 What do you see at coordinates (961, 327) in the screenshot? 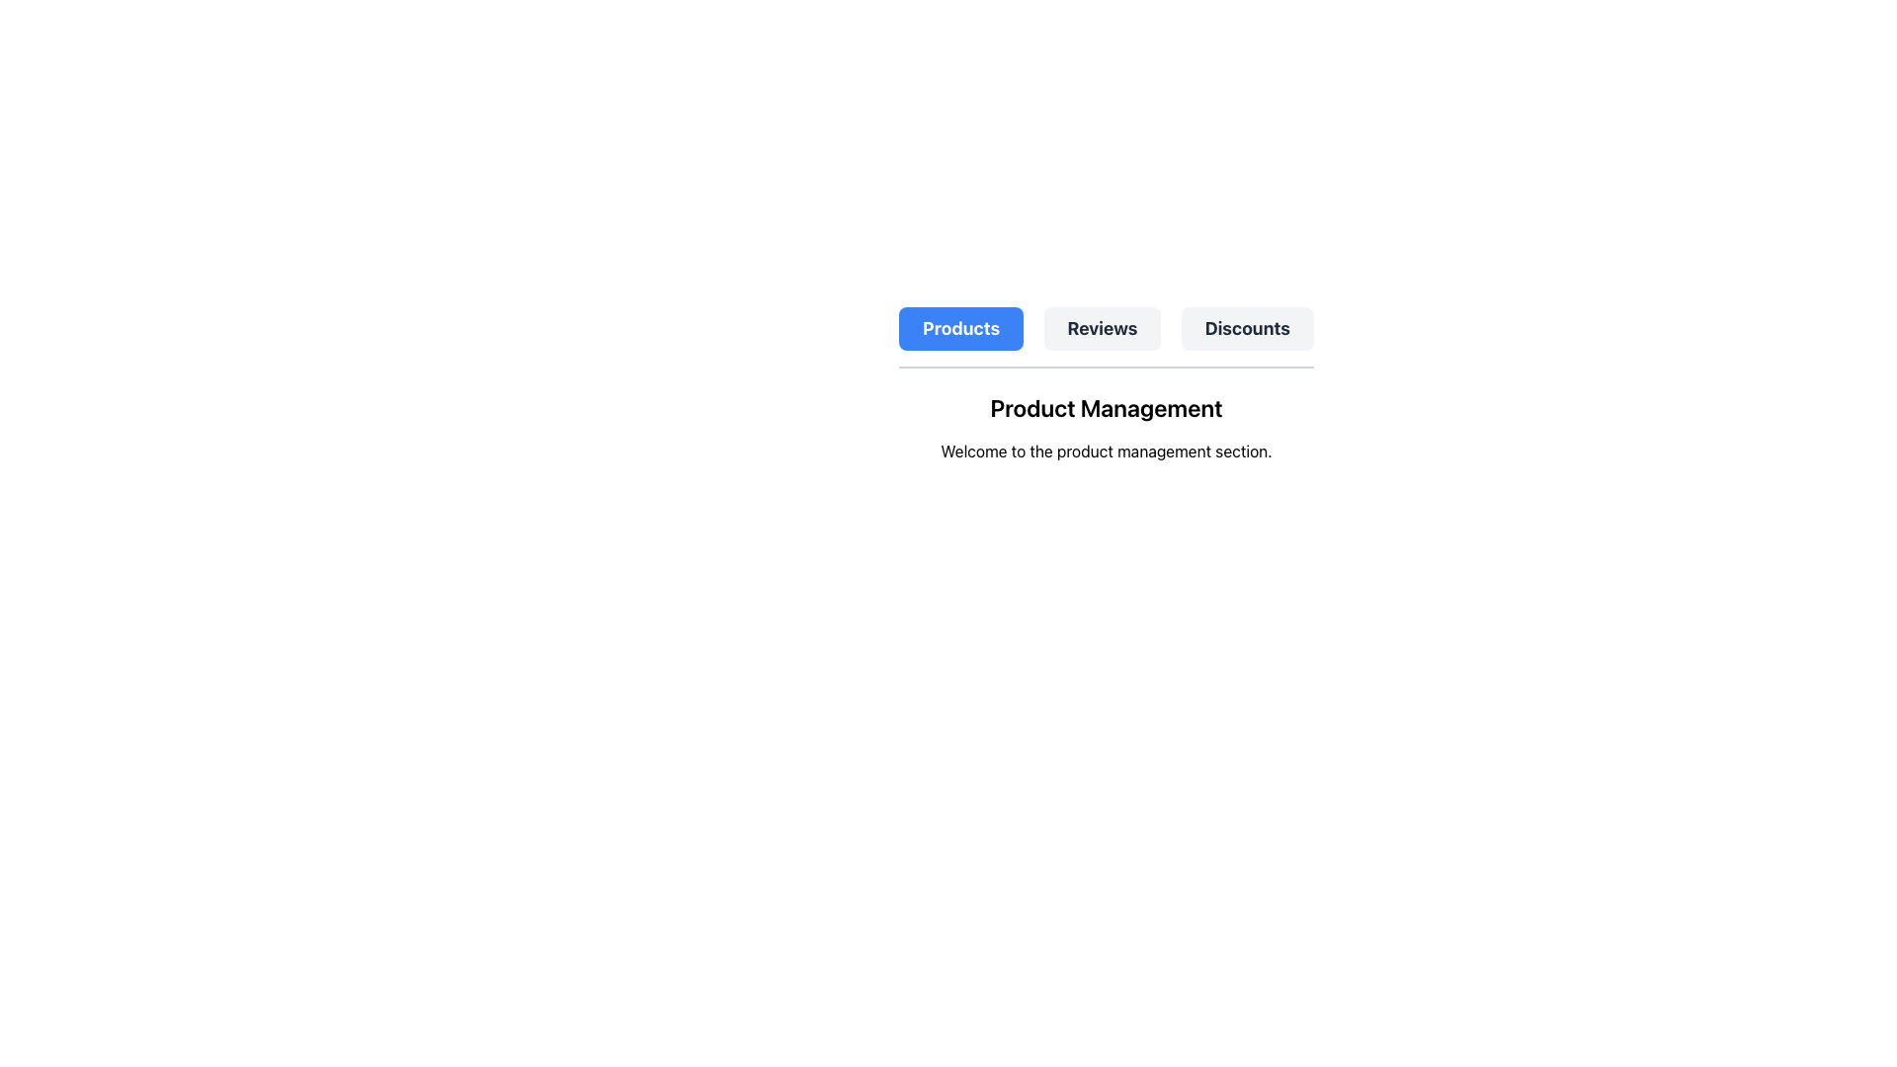
I see `the blue 'Products' button with white bold text` at bounding box center [961, 327].